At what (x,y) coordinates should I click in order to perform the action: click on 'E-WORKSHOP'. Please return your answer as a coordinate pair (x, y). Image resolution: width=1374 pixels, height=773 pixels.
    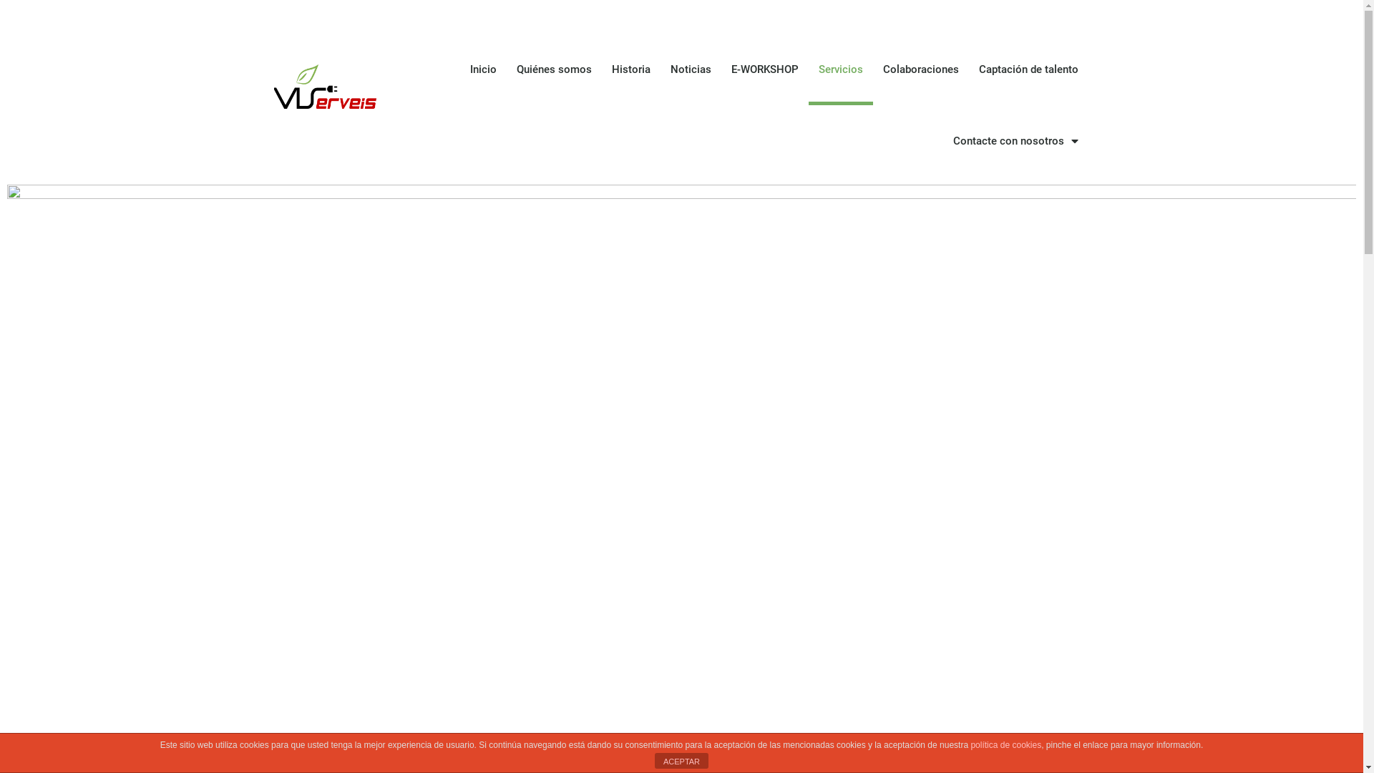
    Looking at the image, I should click on (764, 69).